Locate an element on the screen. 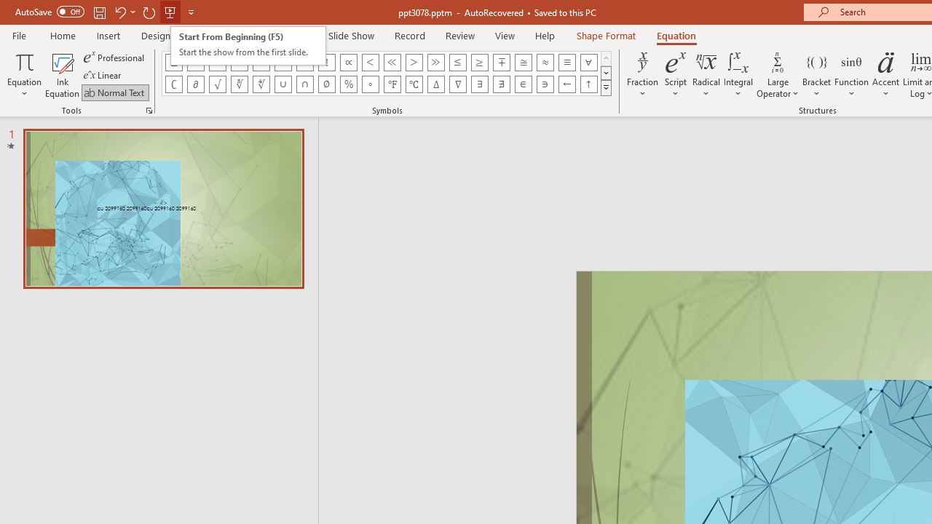 The width and height of the screenshot is (932, 524). 'Equation Symbol For All' is located at coordinates (588, 62).